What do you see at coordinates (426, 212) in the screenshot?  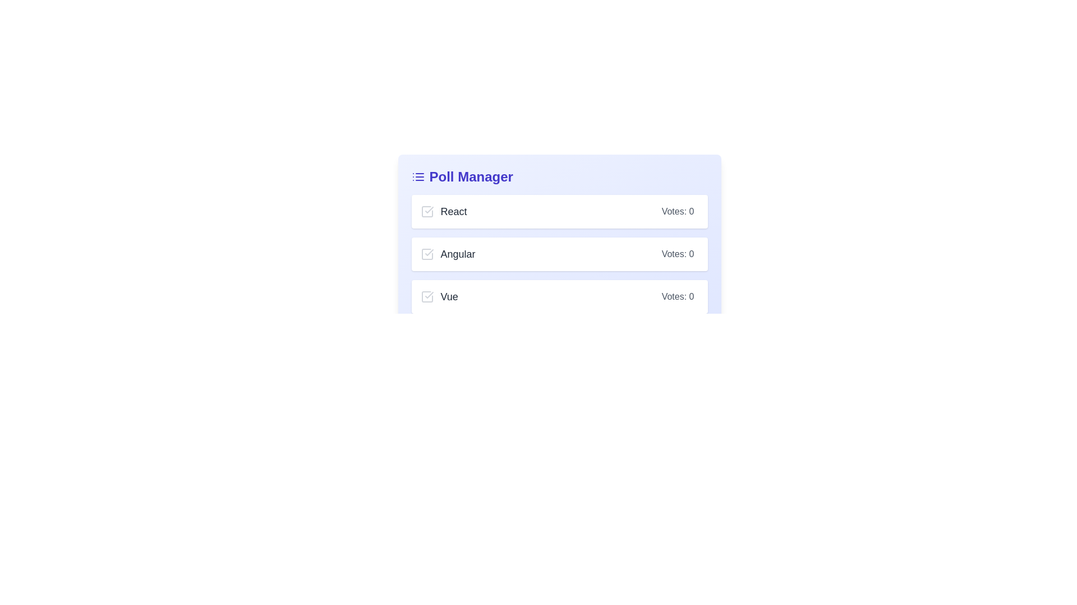 I see `the checkbox located to the left of the text 'React'` at bounding box center [426, 212].